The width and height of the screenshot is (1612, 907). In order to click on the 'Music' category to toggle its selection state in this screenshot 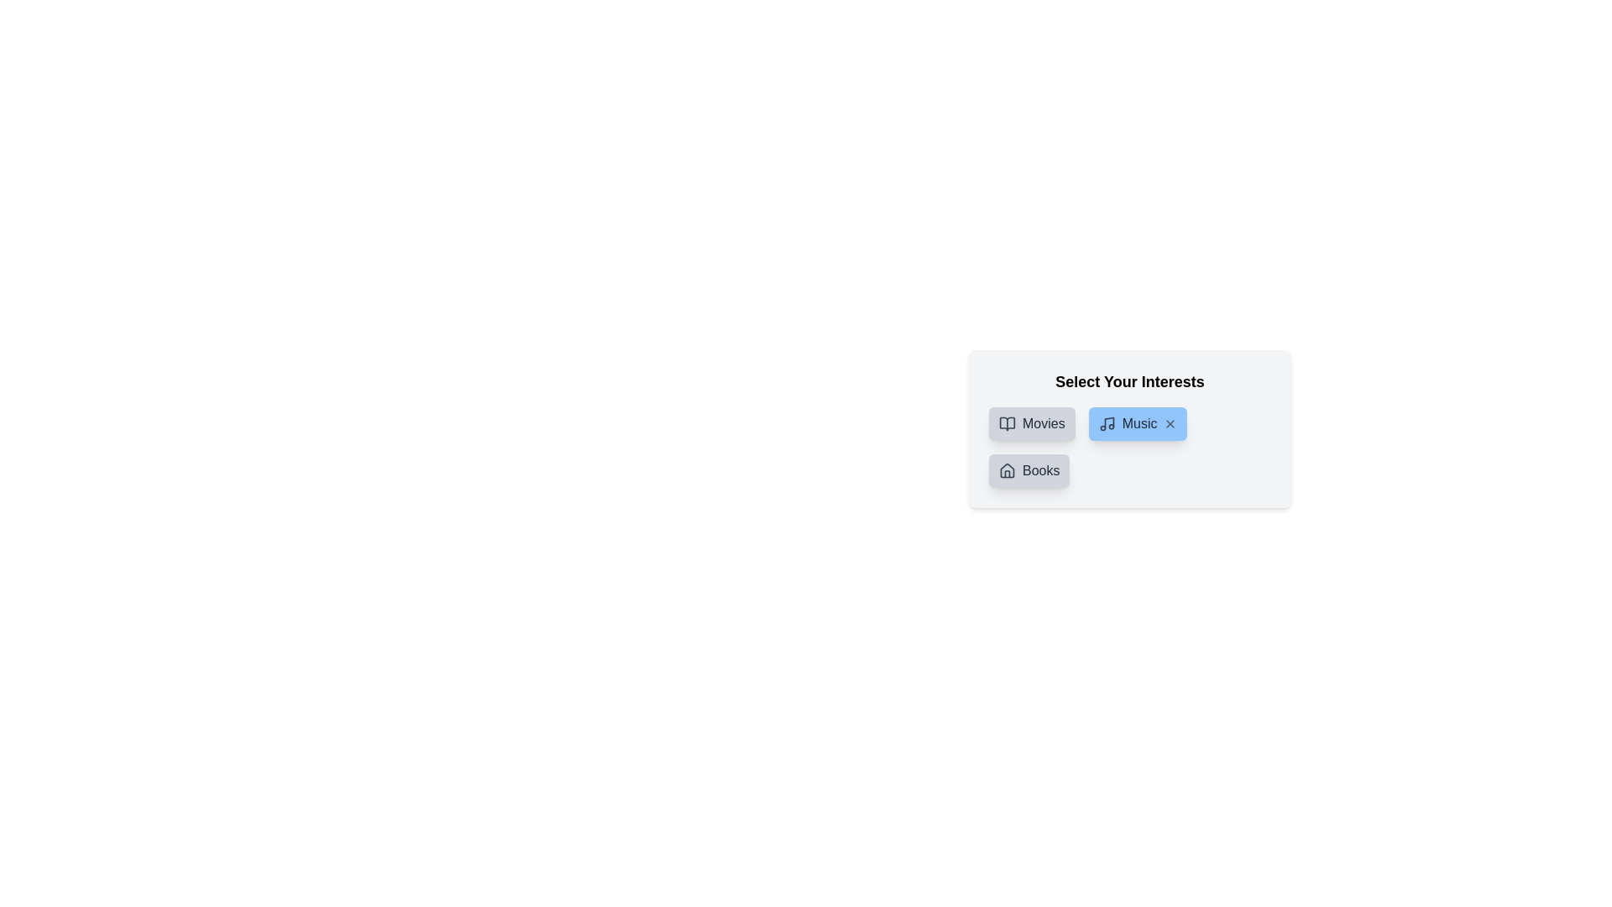, I will do `click(1137, 423)`.